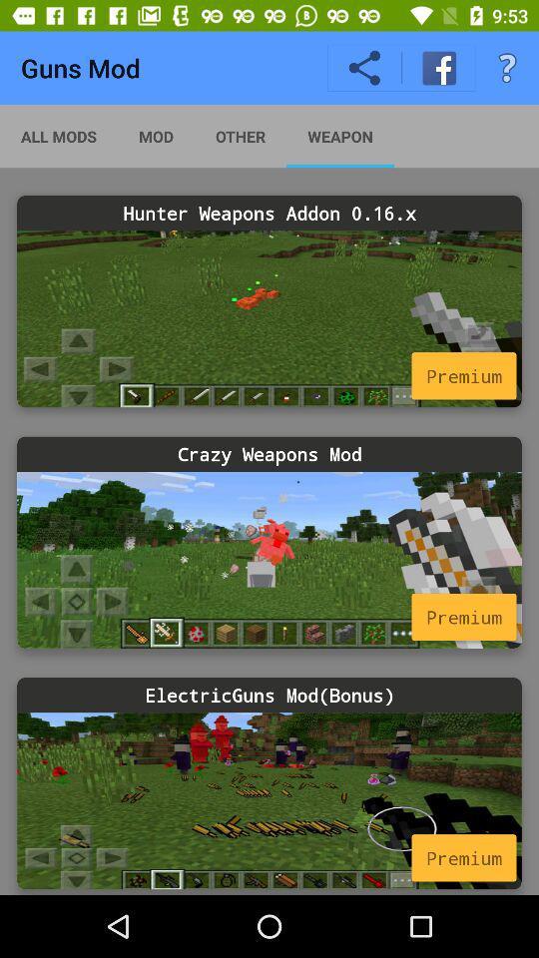 The height and width of the screenshot is (958, 539). Describe the element at coordinates (269, 318) in the screenshot. I see `click in a more image` at that location.